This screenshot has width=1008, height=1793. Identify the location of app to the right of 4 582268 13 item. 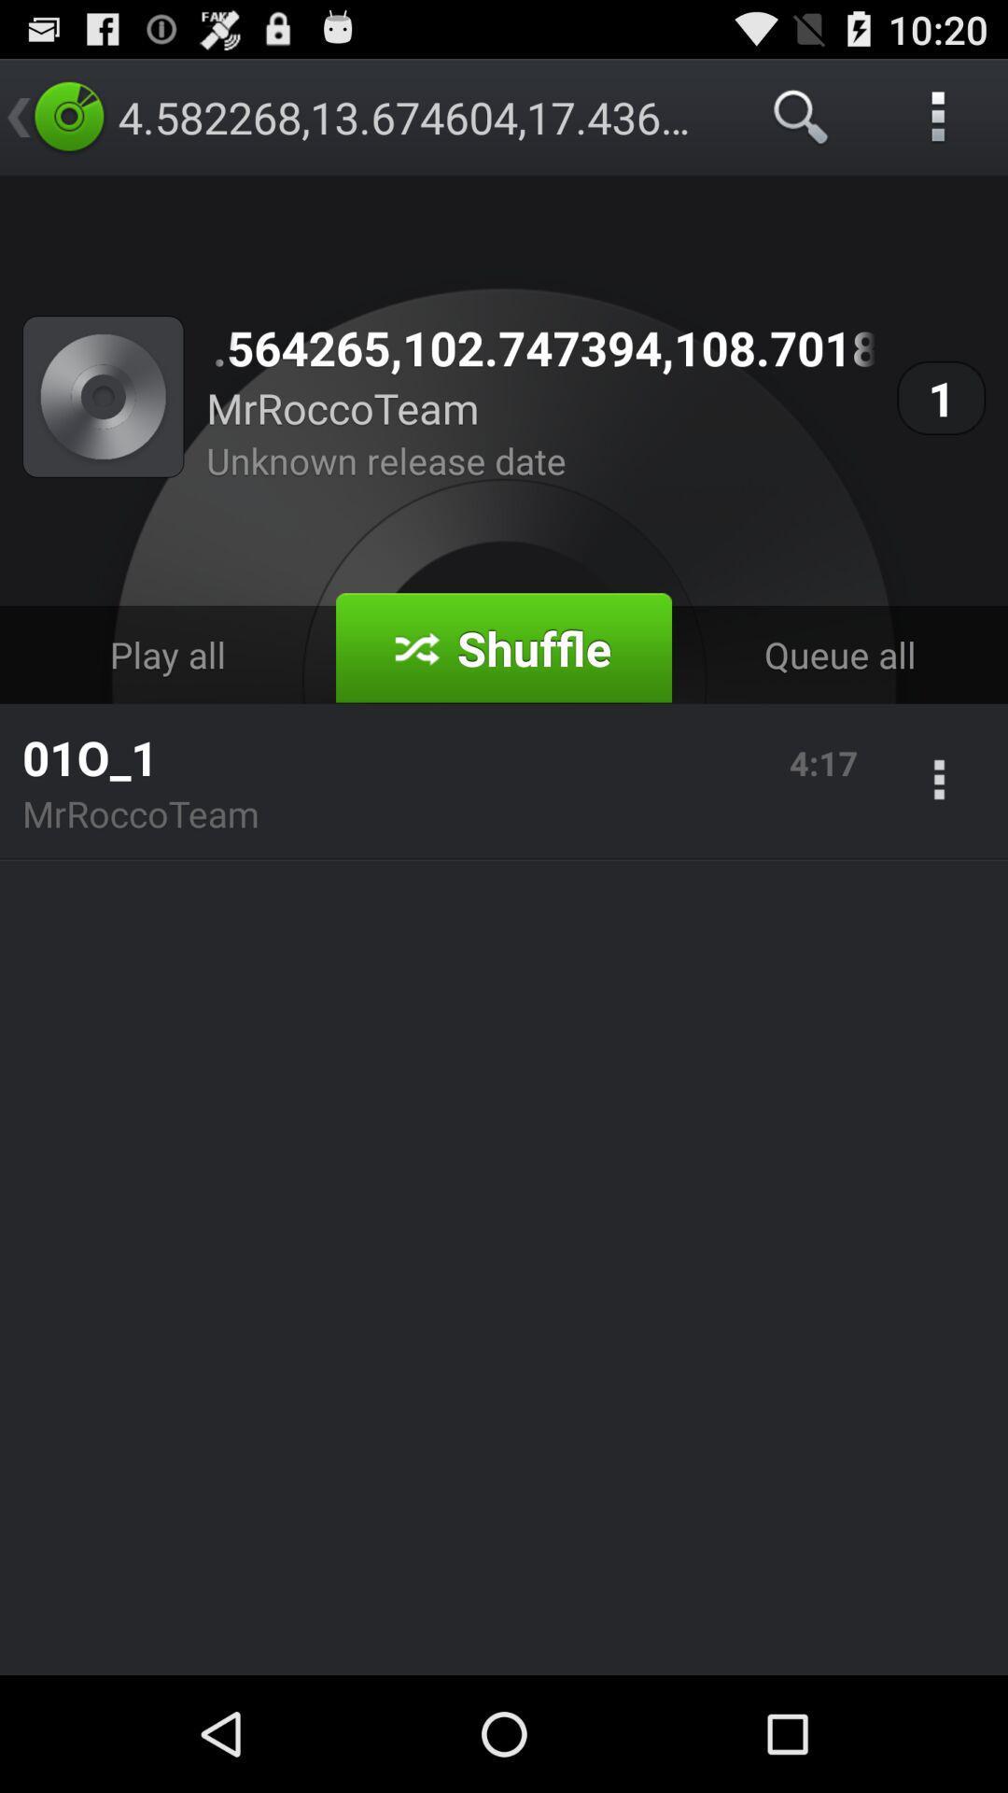
(801, 116).